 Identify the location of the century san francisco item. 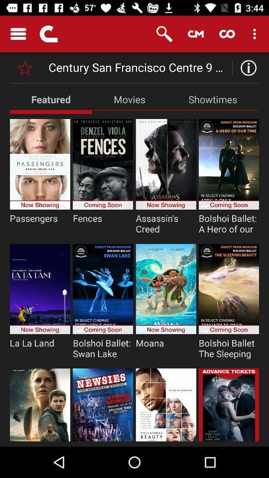
(138, 67).